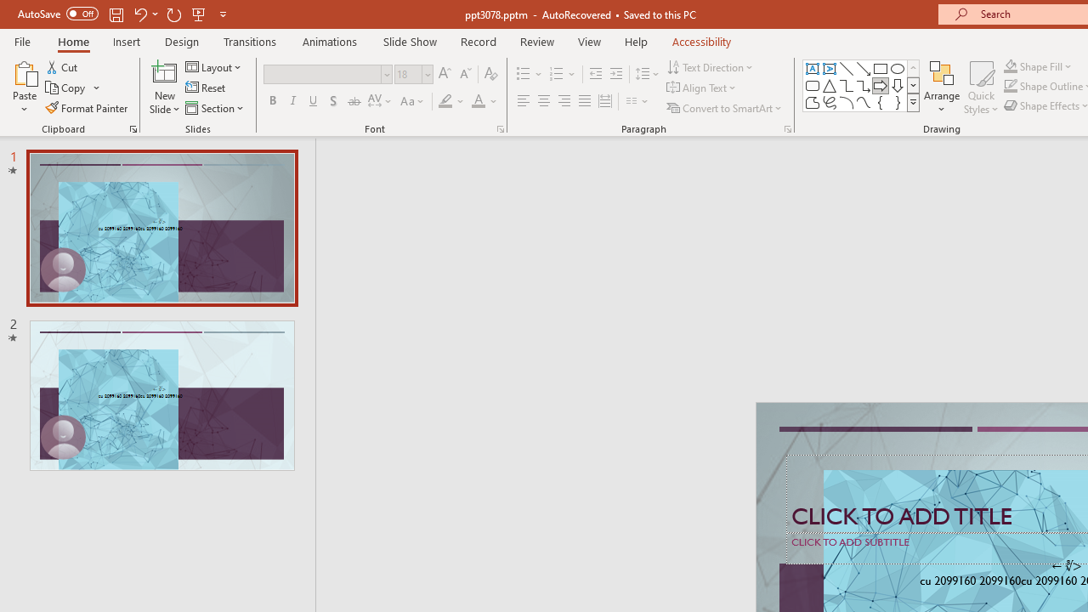  Describe the element at coordinates (1066, 566) in the screenshot. I see `'TextBox 7'` at that location.